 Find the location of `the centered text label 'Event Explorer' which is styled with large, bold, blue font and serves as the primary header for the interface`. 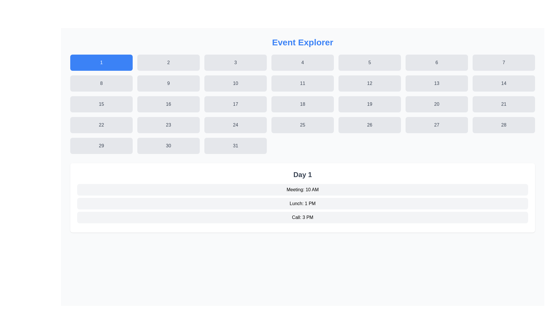

the centered text label 'Event Explorer' which is styled with large, bold, blue font and serves as the primary header for the interface is located at coordinates (302, 42).